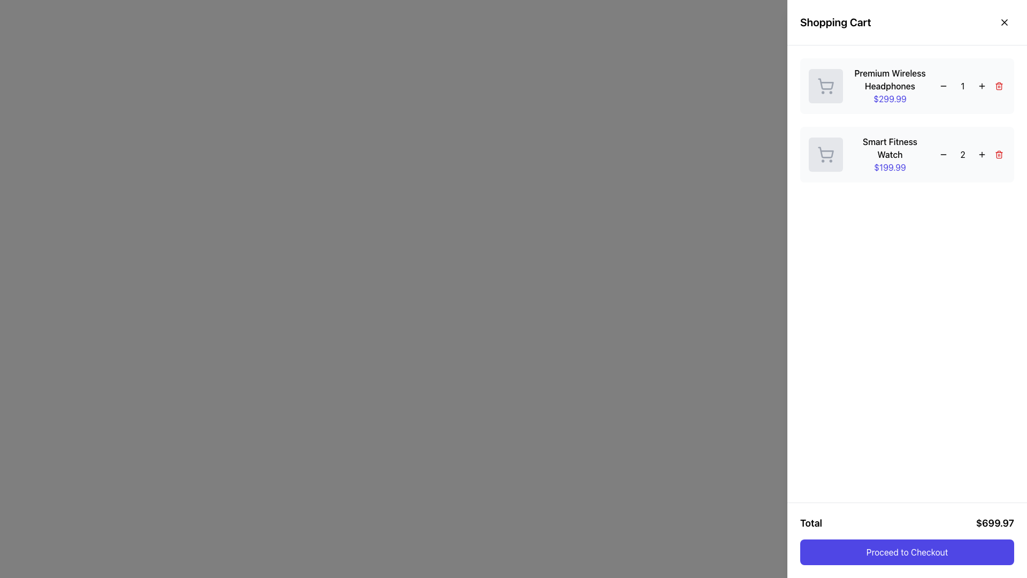  I want to click on the quantity counter for 'Premium Wireless Headphones' in the shopping cart to focus on it, so click(971, 86).